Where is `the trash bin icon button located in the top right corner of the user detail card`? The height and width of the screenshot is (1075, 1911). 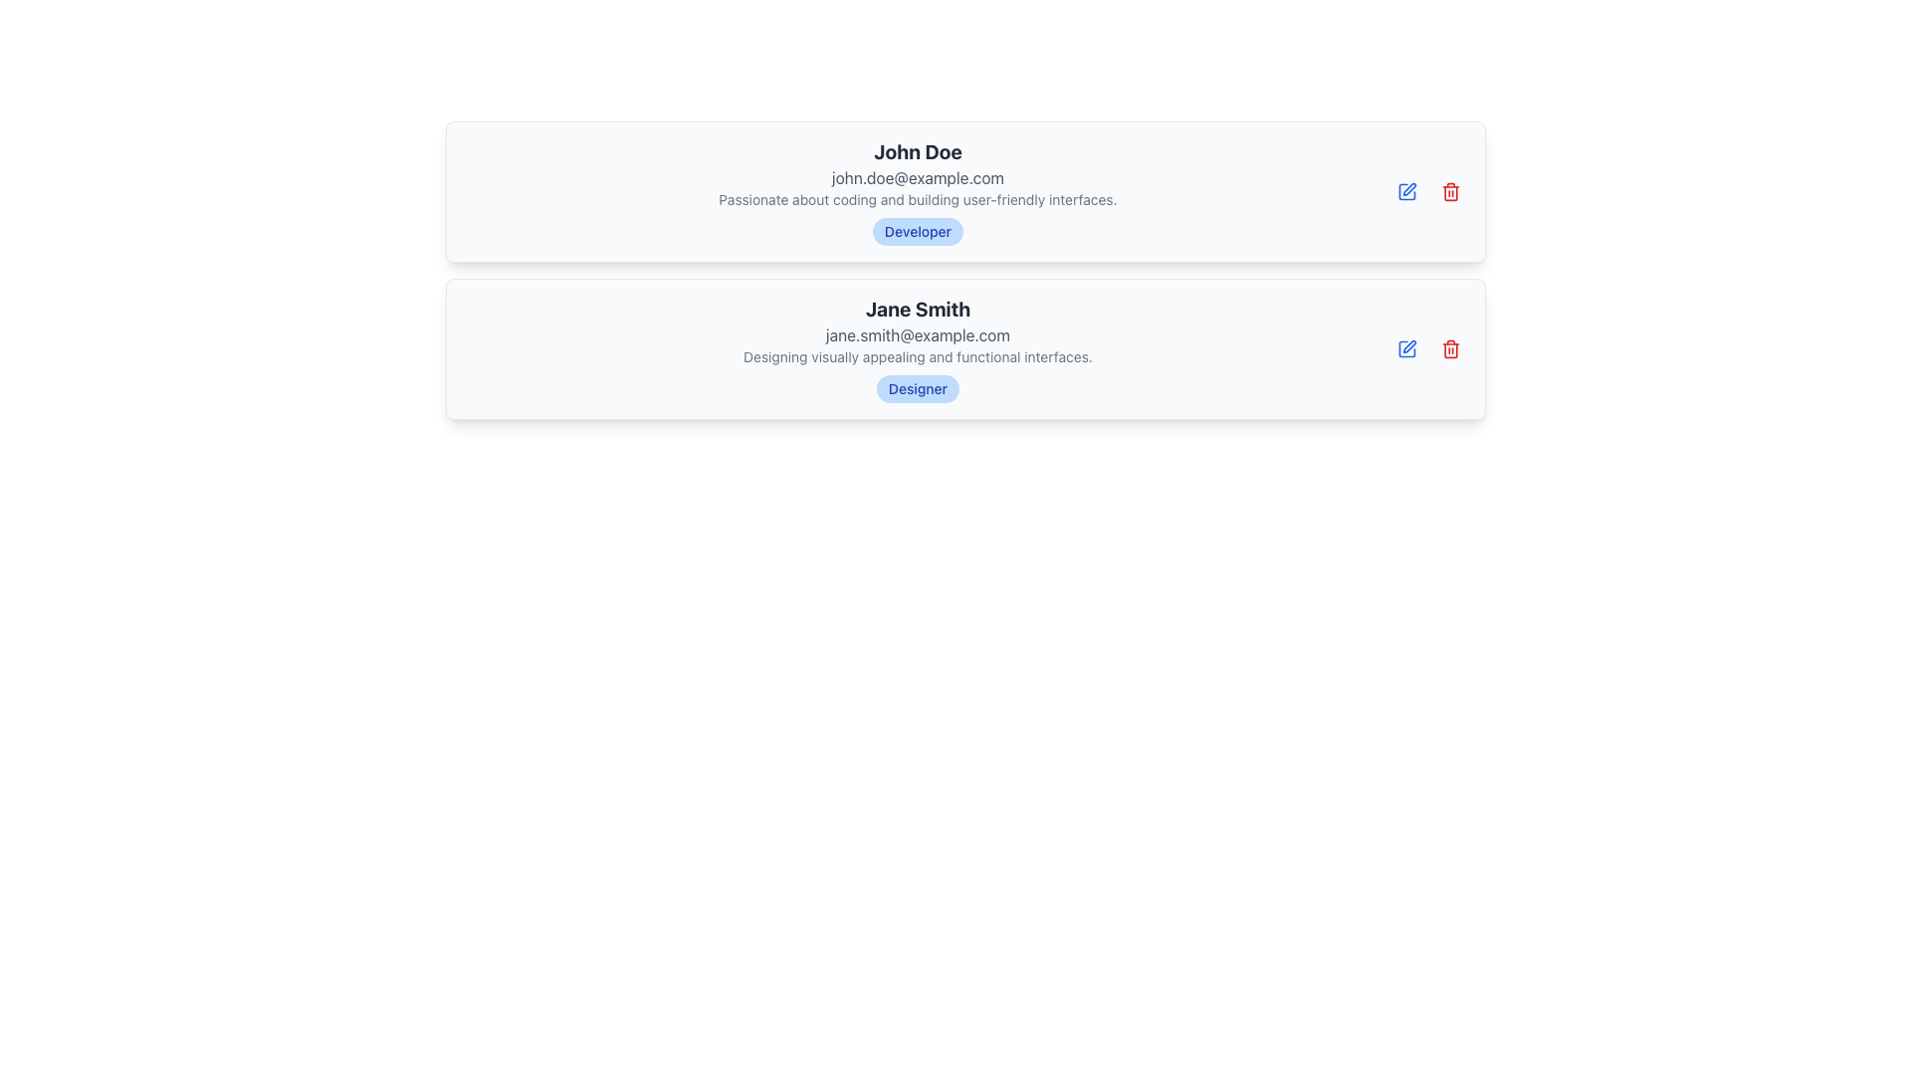 the trash bin icon button located in the top right corner of the user detail card is located at coordinates (1451, 348).